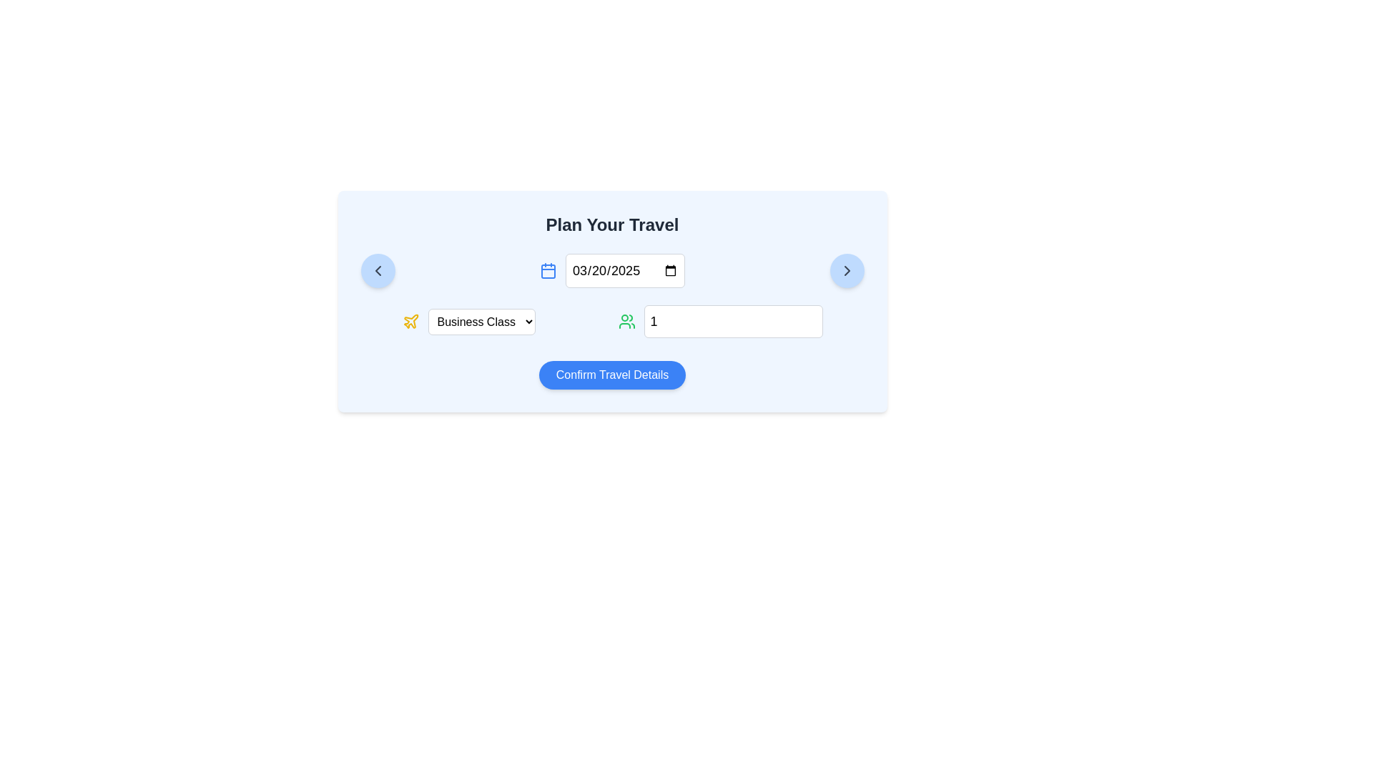  Describe the element at coordinates (847, 270) in the screenshot. I see `the rightward chevron icon, which is a dark arrow contained within a blue circular button` at that location.